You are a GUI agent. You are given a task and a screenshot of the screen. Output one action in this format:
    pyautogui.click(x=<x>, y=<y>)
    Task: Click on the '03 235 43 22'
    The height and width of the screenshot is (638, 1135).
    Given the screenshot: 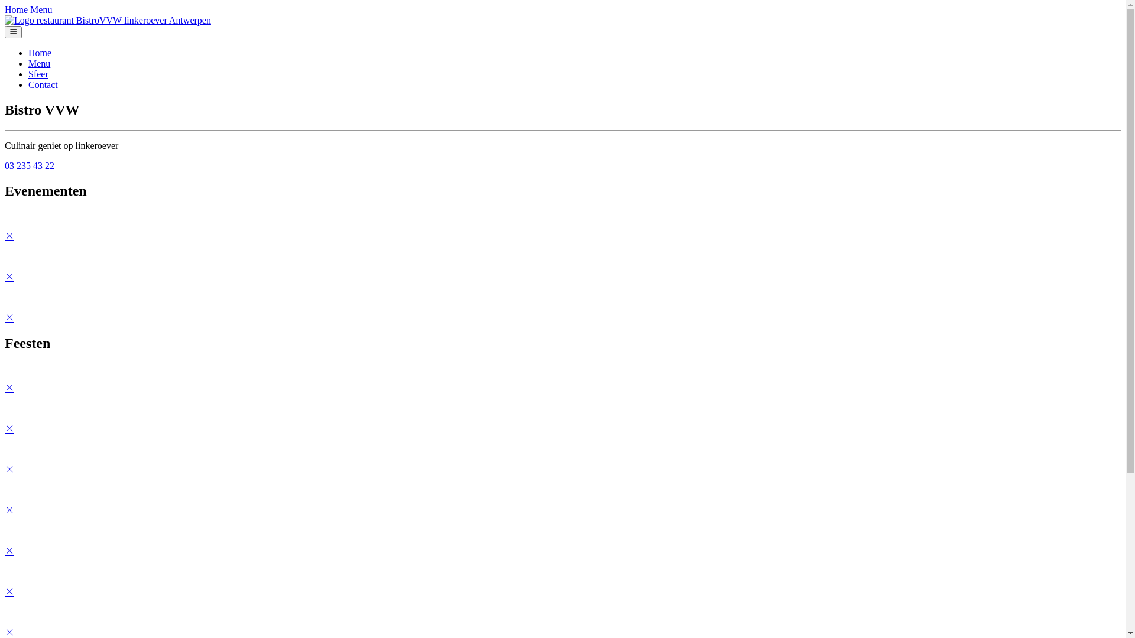 What is the action you would take?
    pyautogui.click(x=29, y=165)
    